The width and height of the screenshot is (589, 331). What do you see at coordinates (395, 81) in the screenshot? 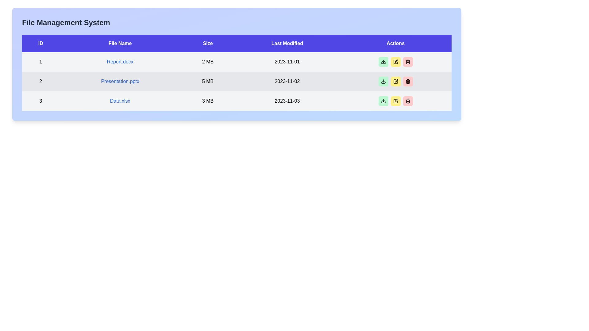
I see `the center of the yellow button with a pen icon in the 'Actions' column` at bounding box center [395, 81].